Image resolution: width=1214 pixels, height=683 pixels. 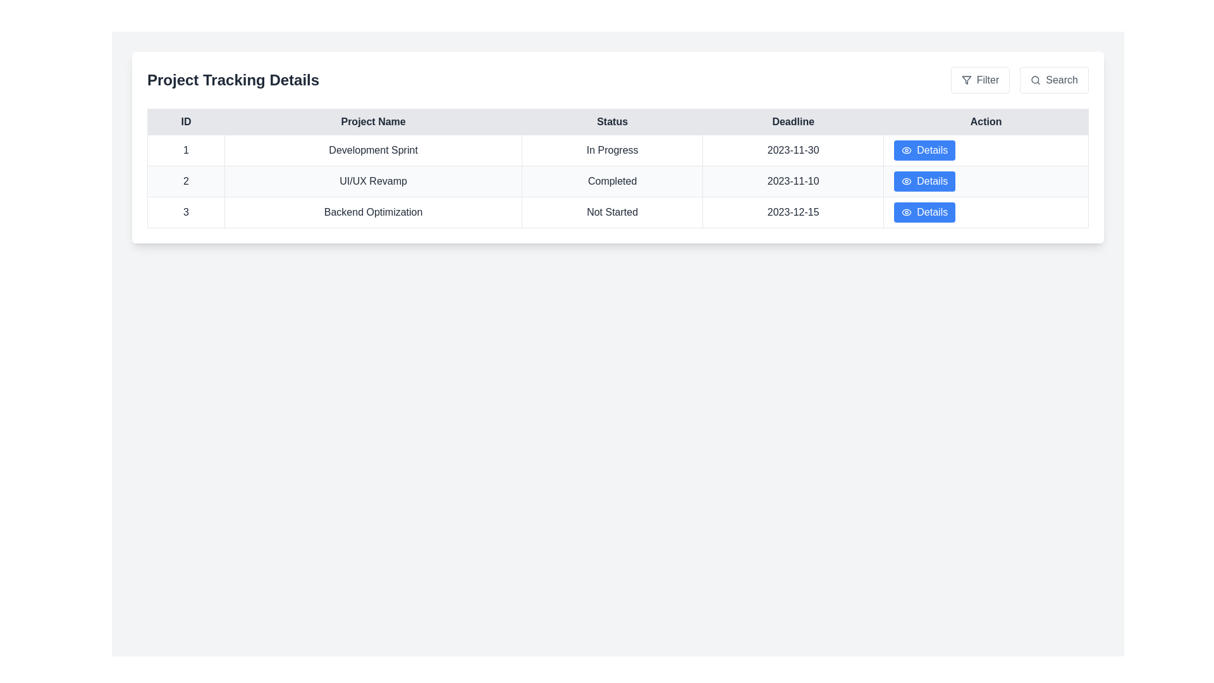 What do you see at coordinates (185, 150) in the screenshot?
I see `the text element that represents the ID of the first row in the table, located in the top-left corner of the table under the 'ID' column` at bounding box center [185, 150].